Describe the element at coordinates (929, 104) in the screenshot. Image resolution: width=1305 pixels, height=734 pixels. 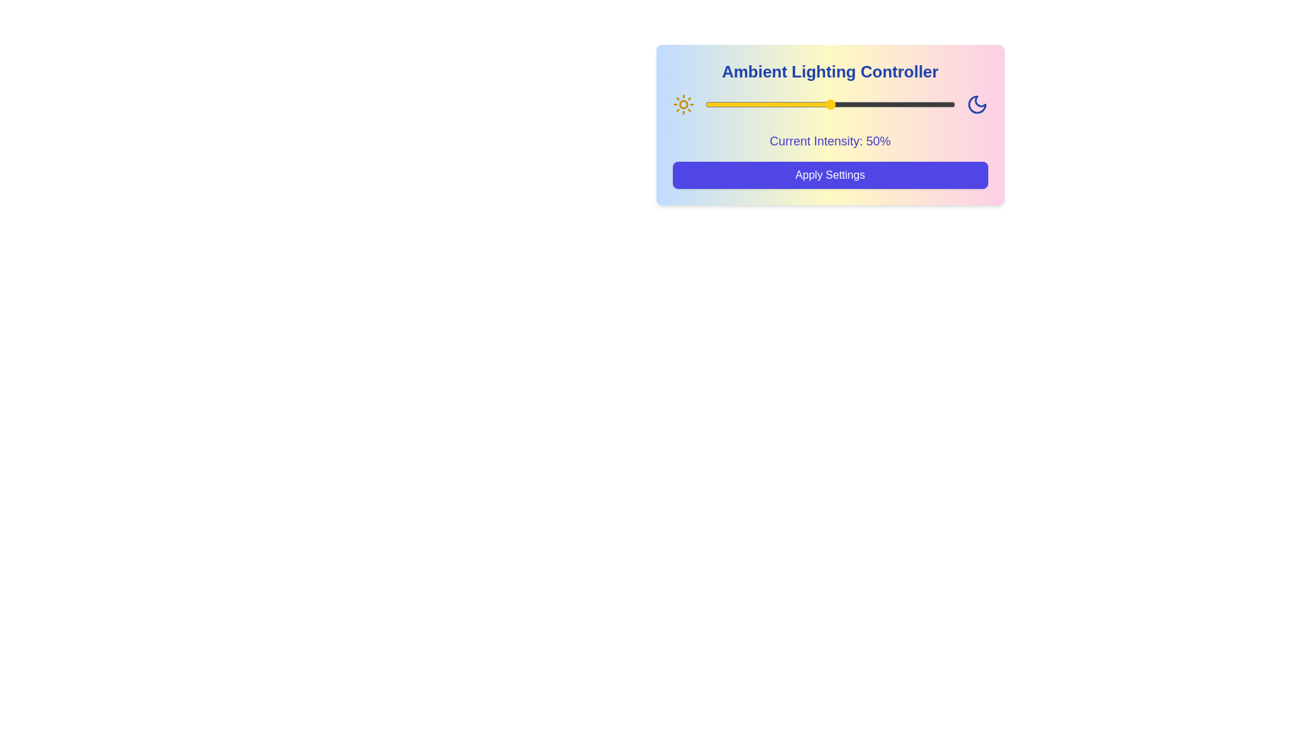
I see `the lighting intensity to 90% using the slider` at that location.